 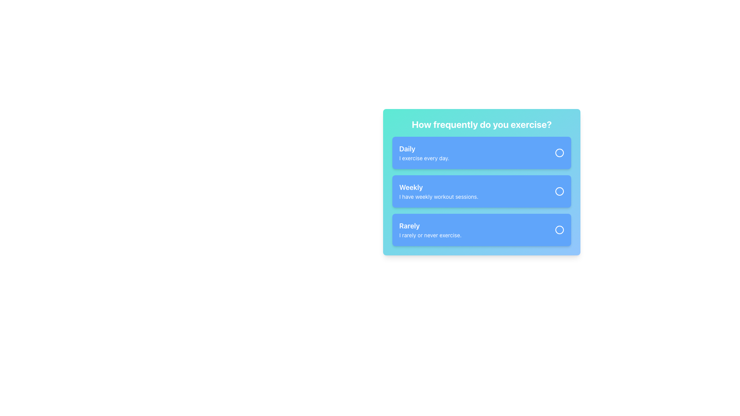 What do you see at coordinates (559, 230) in the screenshot?
I see `the 'Rarely' radio button indicator using keyboard navigation to focus on the circle` at bounding box center [559, 230].